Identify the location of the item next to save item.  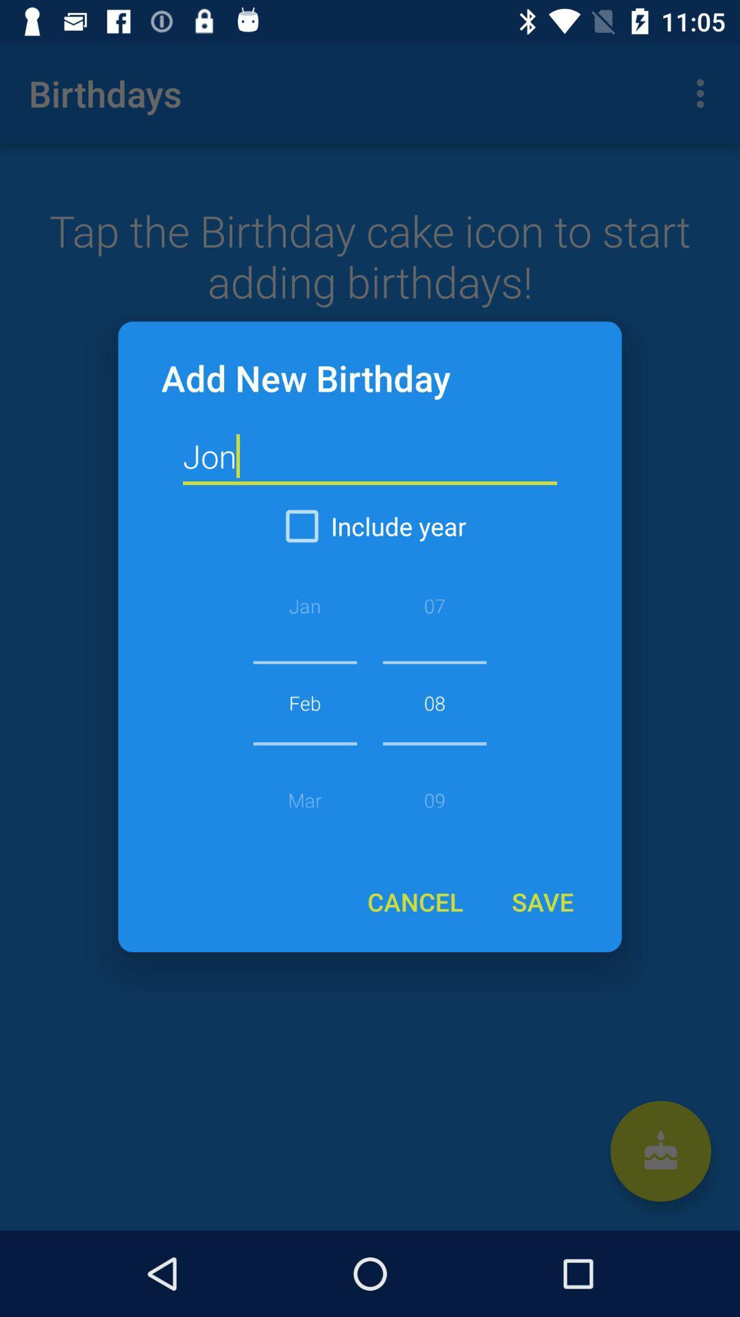
(415, 901).